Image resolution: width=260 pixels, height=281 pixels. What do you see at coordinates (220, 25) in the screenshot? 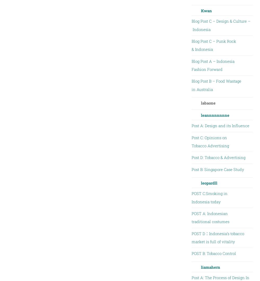
I see `'Blog Post C – Design & Culture – Indonesia'` at bounding box center [220, 25].